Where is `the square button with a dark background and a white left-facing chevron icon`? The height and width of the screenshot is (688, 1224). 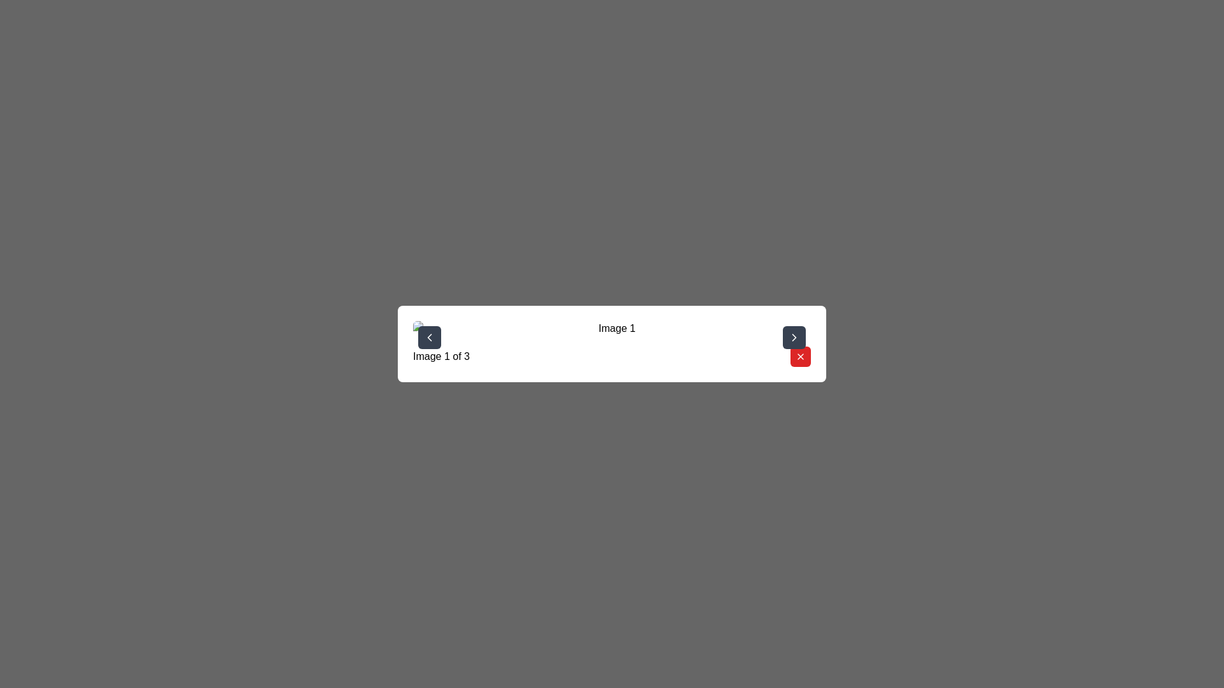 the square button with a dark background and a white left-facing chevron icon is located at coordinates (429, 336).